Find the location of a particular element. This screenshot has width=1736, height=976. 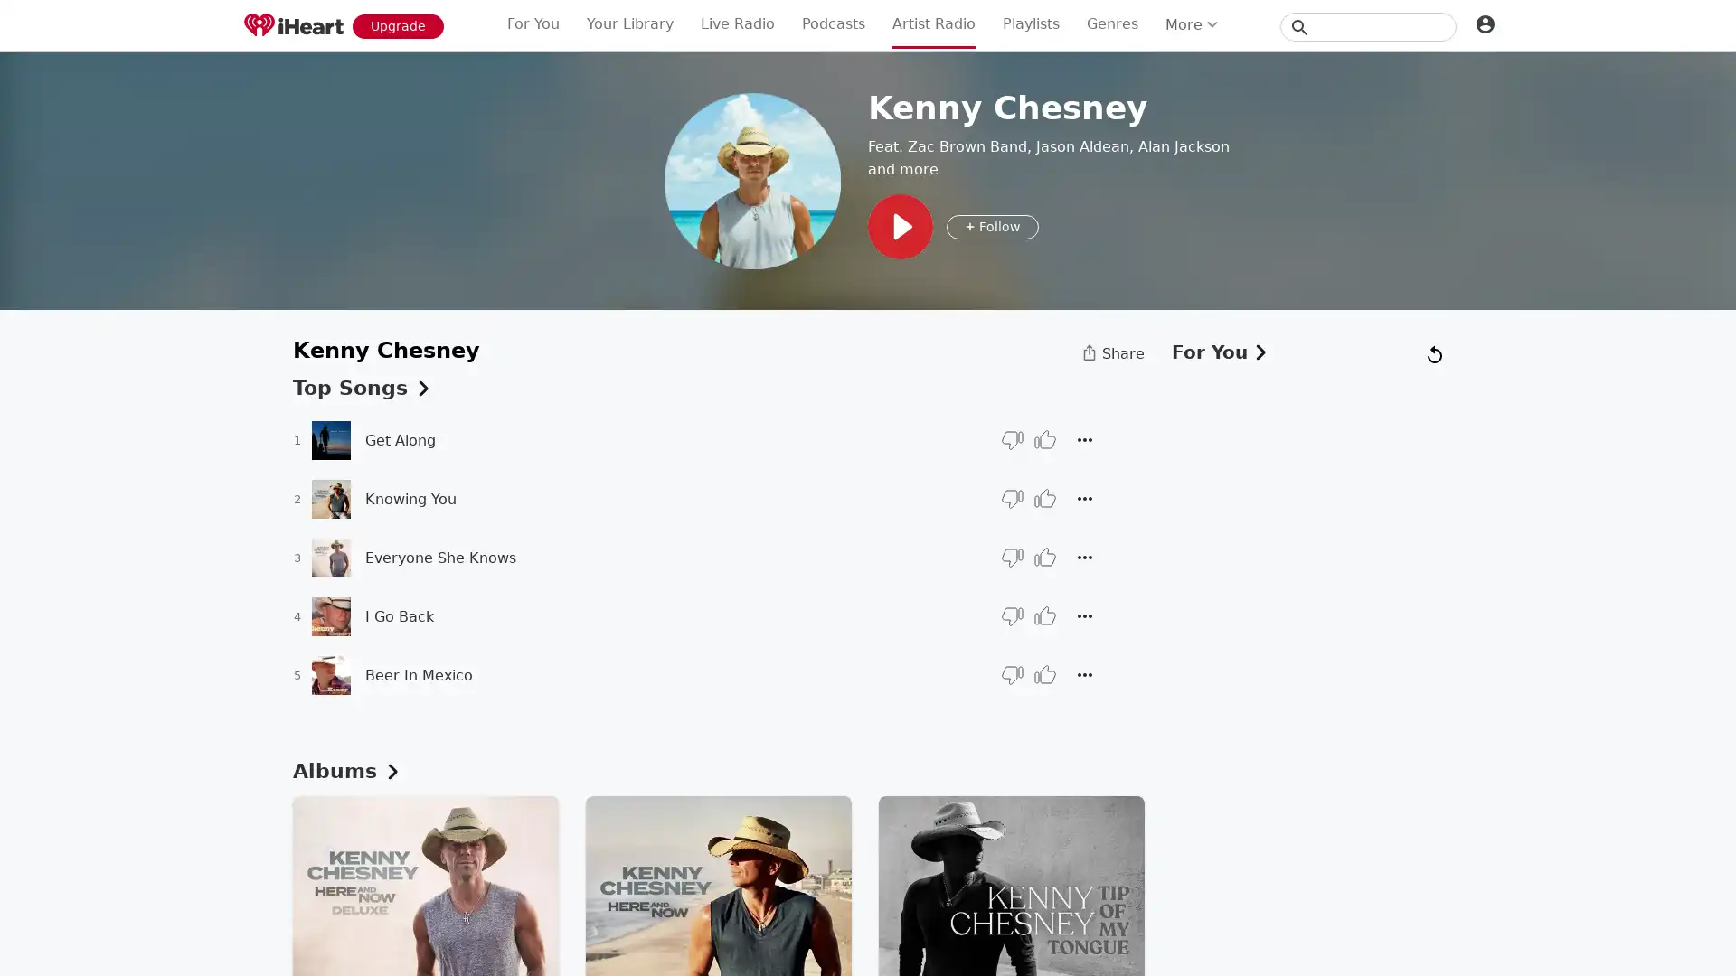

Add to Playlist Button is located at coordinates (763, 932).